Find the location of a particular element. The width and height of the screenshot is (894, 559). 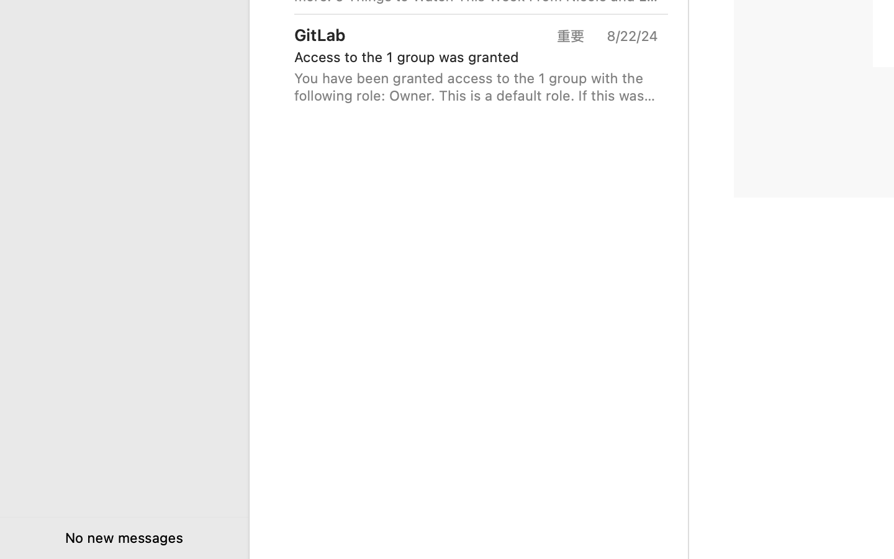

'Access to the 1 group was granted' is located at coordinates (471, 56).